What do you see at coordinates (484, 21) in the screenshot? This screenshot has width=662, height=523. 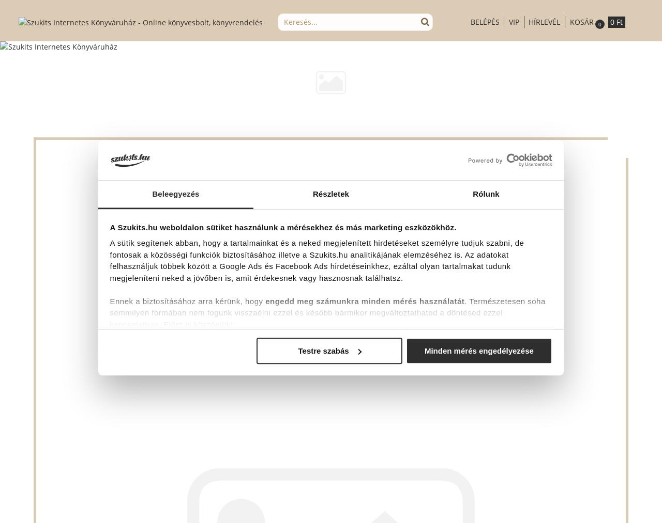 I see `'Belépés'` at bounding box center [484, 21].